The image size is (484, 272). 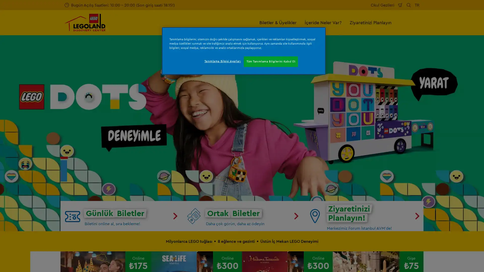 I want to click on Iceride Neler Var?, so click(x=323, y=22).